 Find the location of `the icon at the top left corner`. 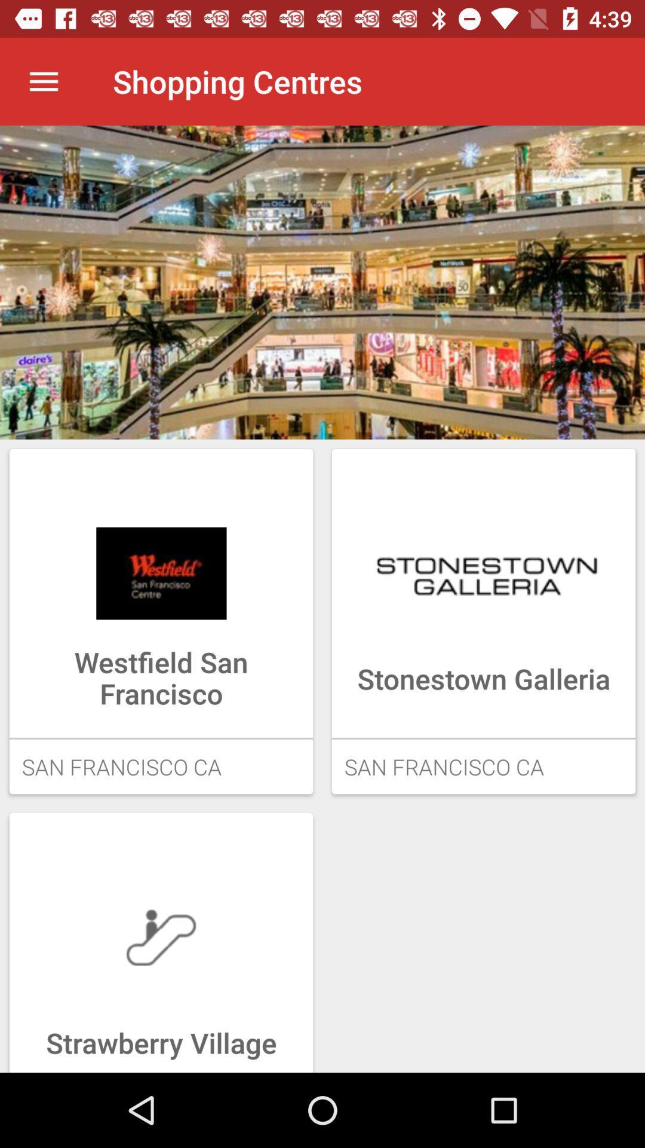

the icon at the top left corner is located at coordinates (43, 81).